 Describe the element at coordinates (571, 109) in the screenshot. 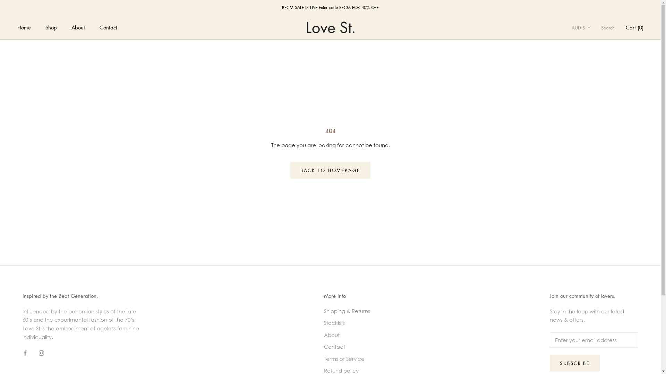

I see `'AWG'` at that location.